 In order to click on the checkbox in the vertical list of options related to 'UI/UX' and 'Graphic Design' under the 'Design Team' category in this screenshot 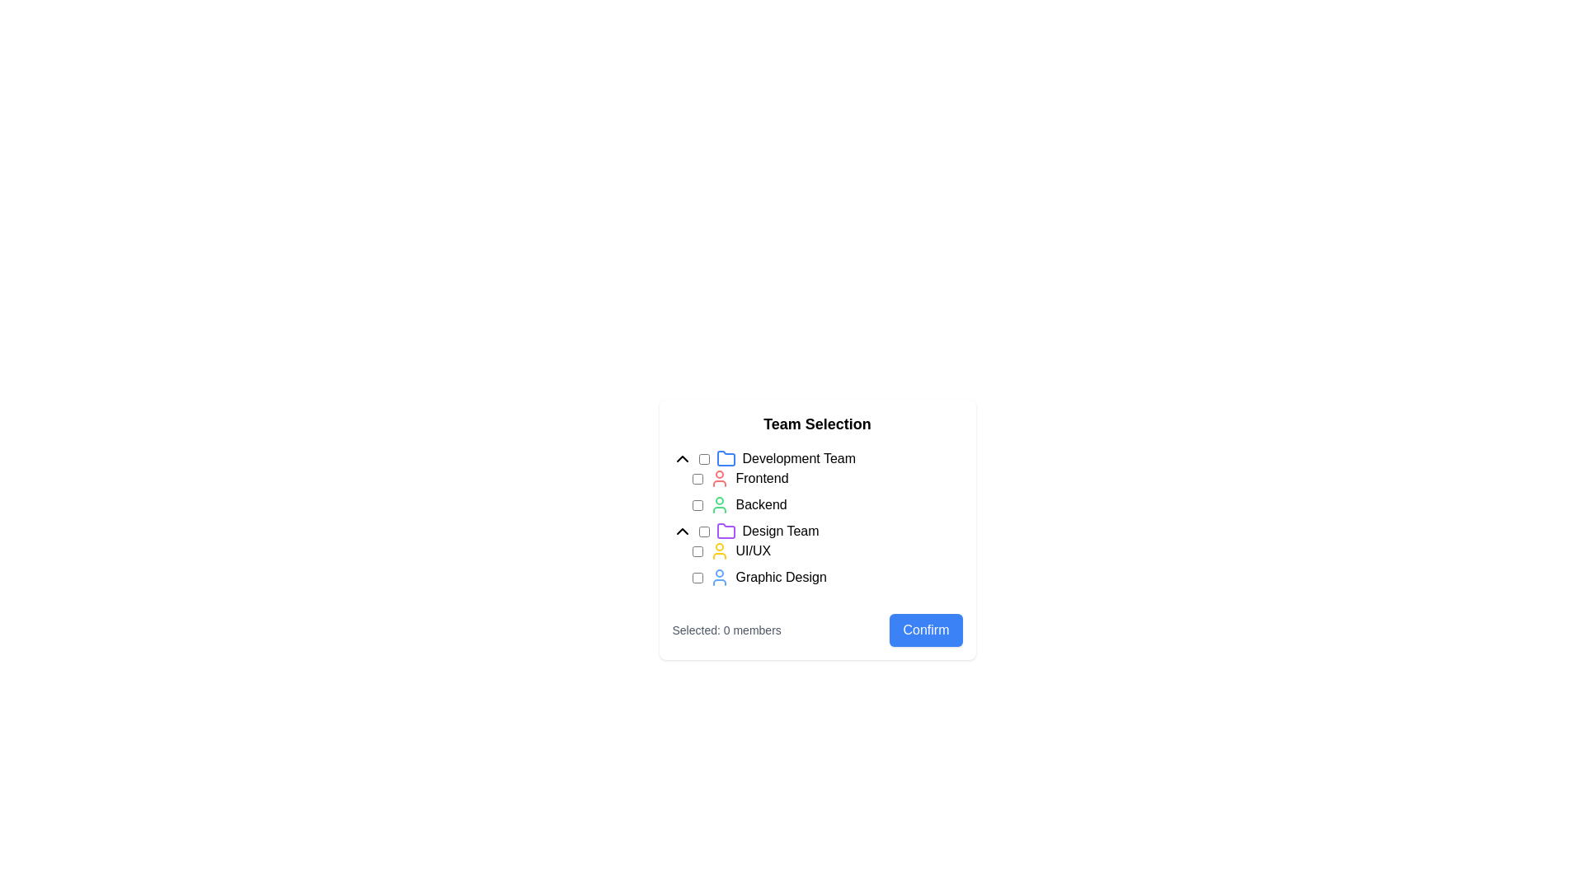, I will do `click(827, 564)`.